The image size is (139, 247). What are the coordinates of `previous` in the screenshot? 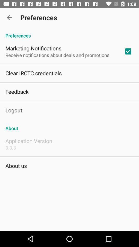 It's located at (9, 17).